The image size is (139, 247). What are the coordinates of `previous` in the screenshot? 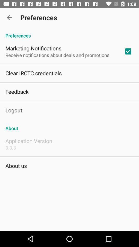 It's located at (9, 17).